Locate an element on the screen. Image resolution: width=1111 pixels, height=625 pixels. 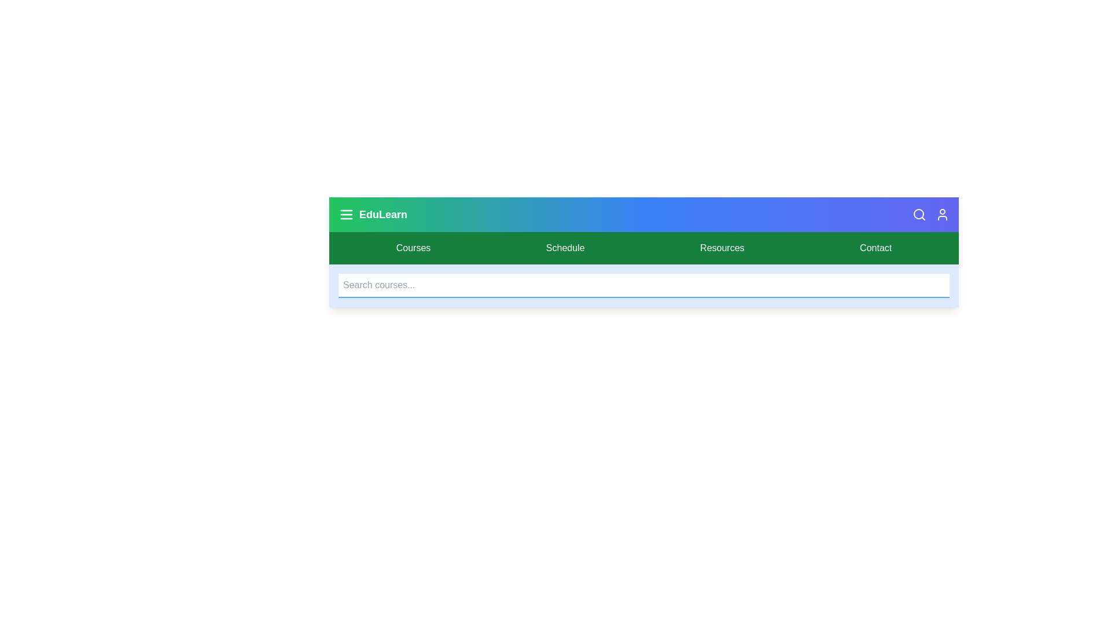
the Schedule navigation link is located at coordinates (565, 247).